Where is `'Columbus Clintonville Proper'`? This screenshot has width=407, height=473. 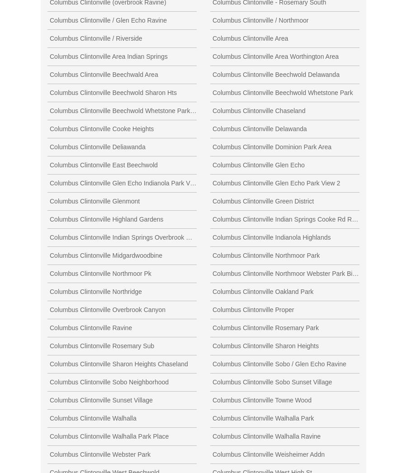
'Columbus Clintonville Proper' is located at coordinates (252, 309).